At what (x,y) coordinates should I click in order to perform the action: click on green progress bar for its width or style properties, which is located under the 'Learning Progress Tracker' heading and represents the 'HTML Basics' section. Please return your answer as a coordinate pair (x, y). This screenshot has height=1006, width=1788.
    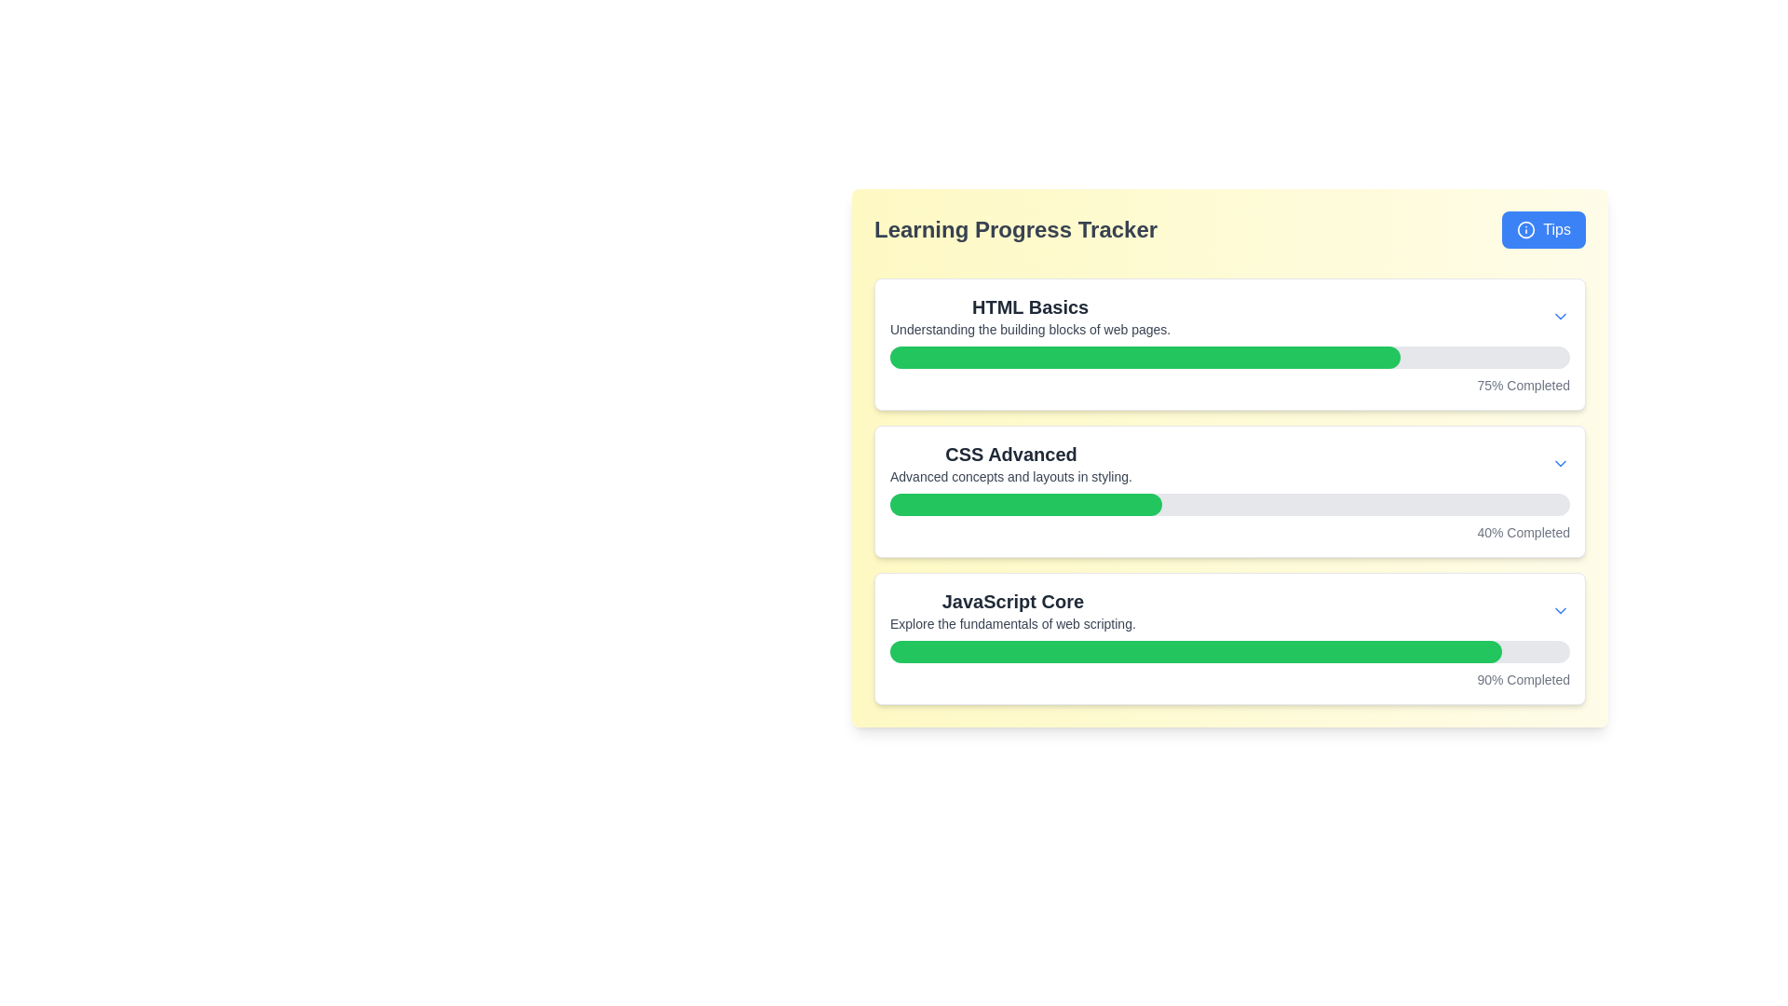
    Looking at the image, I should click on (1144, 358).